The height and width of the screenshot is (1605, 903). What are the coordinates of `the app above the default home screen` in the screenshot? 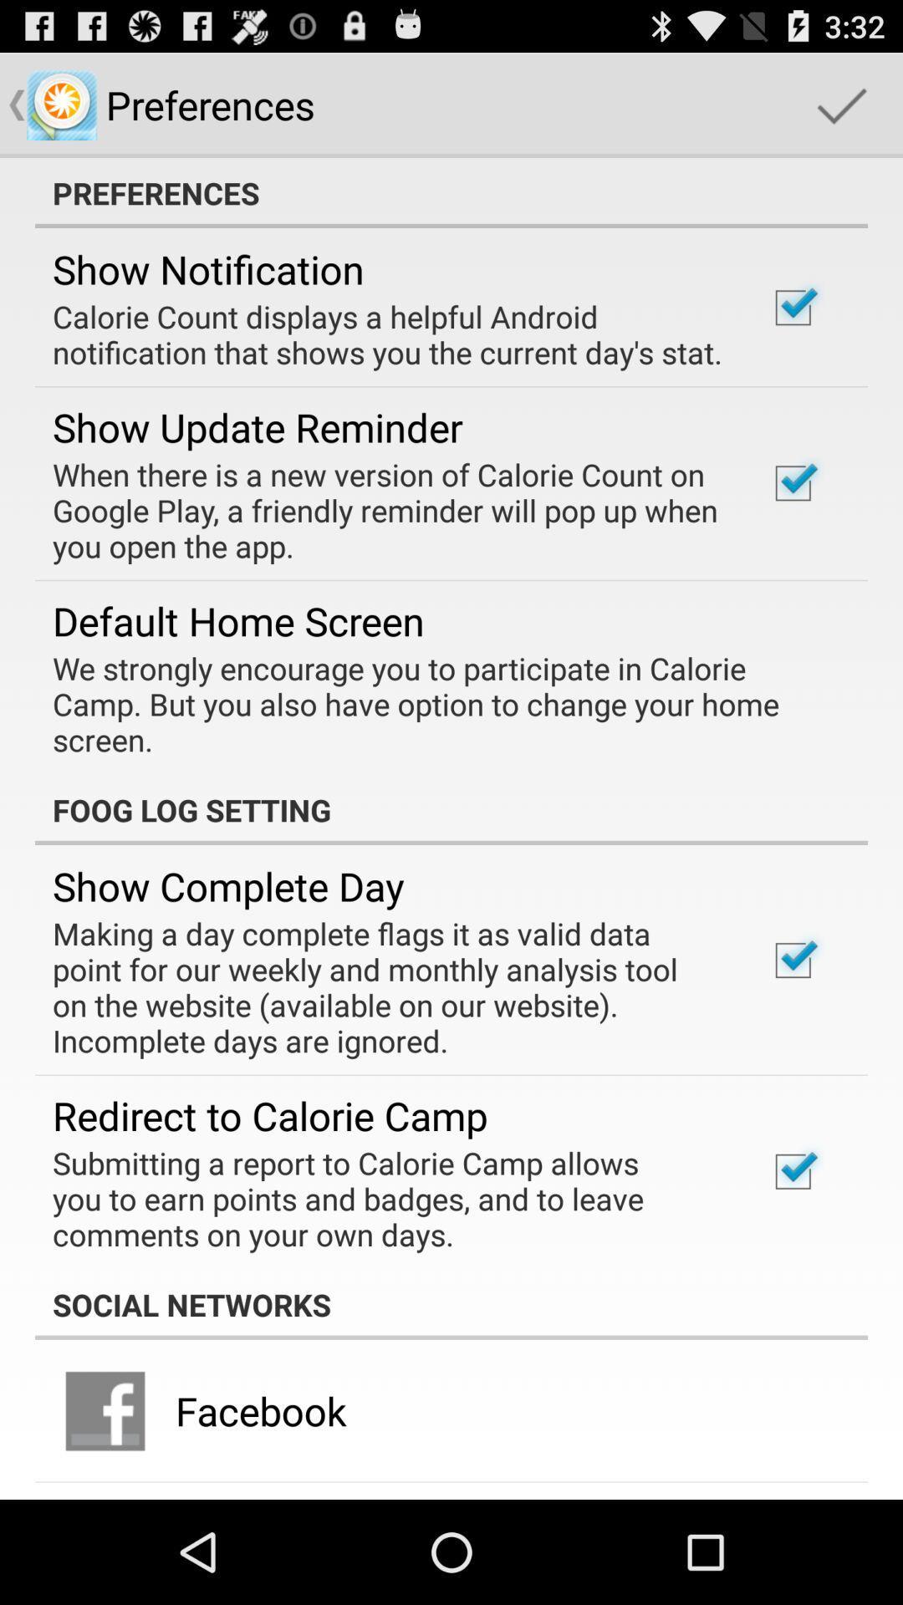 It's located at (387, 509).